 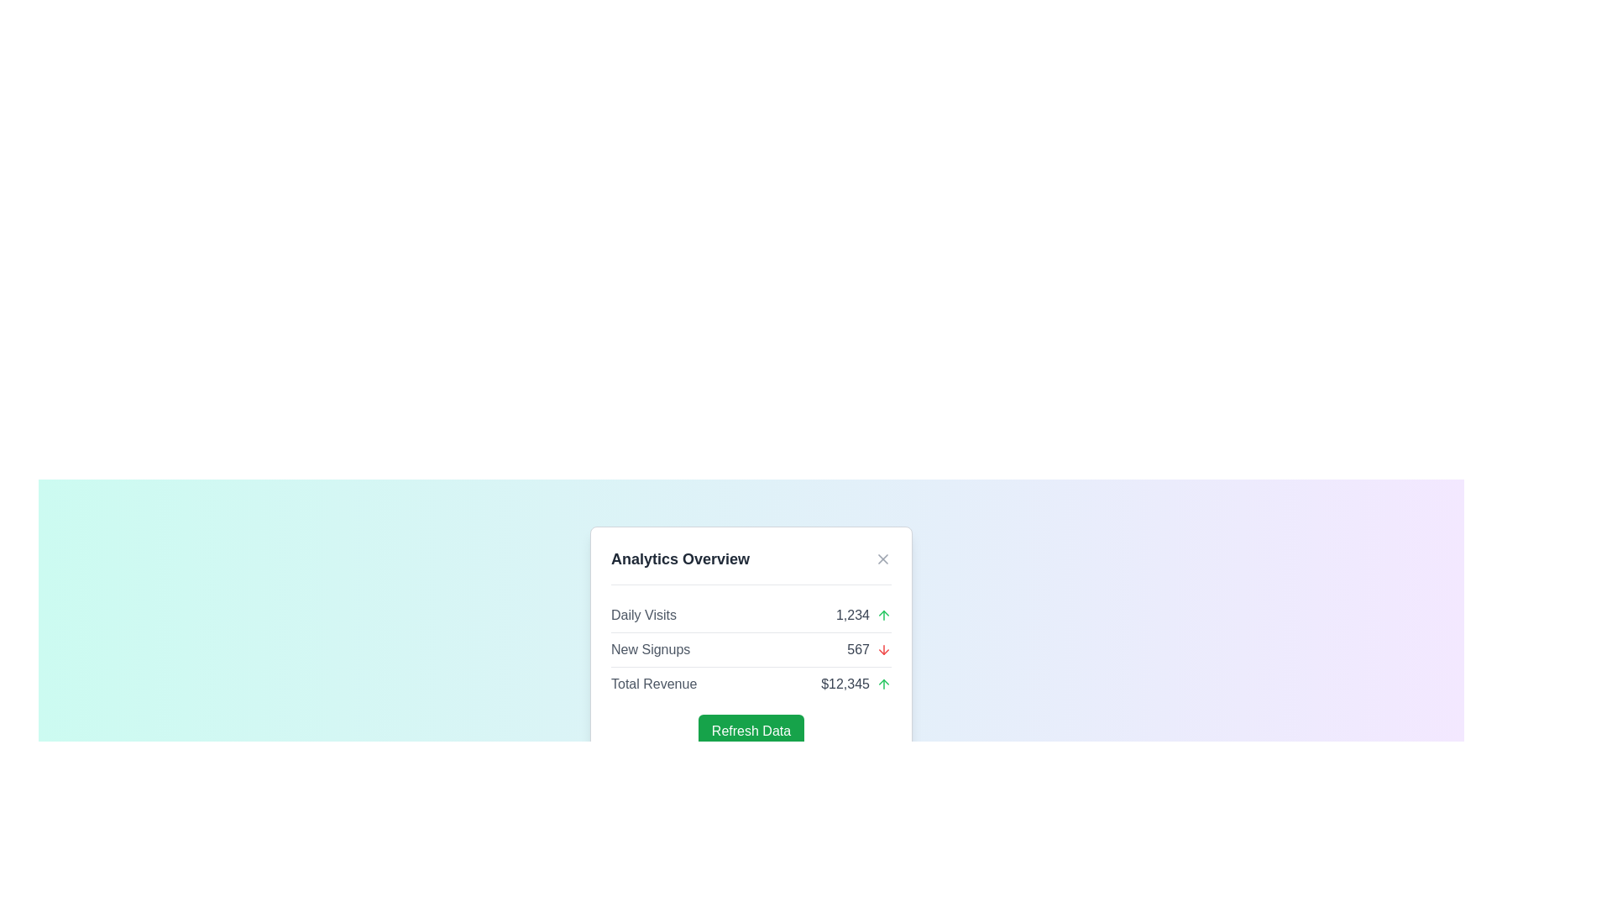 What do you see at coordinates (680, 559) in the screenshot?
I see `the 'Analytics Overview' text label at the top left of the popup card interface` at bounding box center [680, 559].